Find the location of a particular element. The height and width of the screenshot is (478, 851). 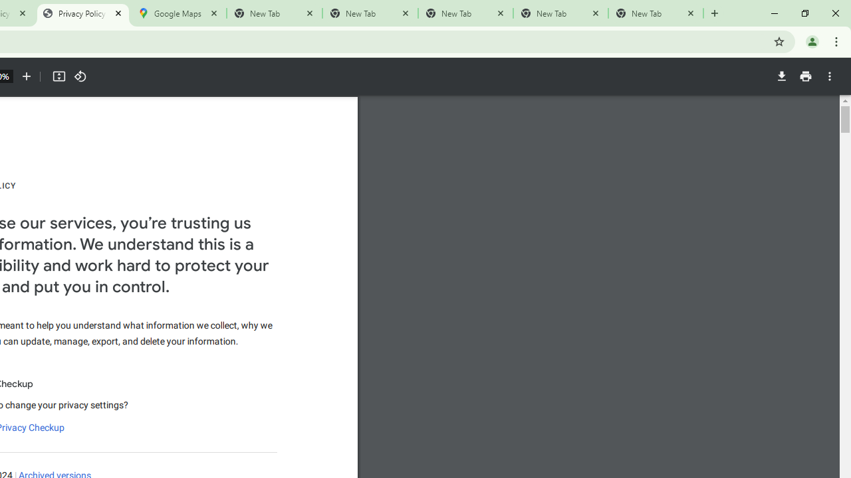

'Fit to page' is located at coordinates (58, 76).